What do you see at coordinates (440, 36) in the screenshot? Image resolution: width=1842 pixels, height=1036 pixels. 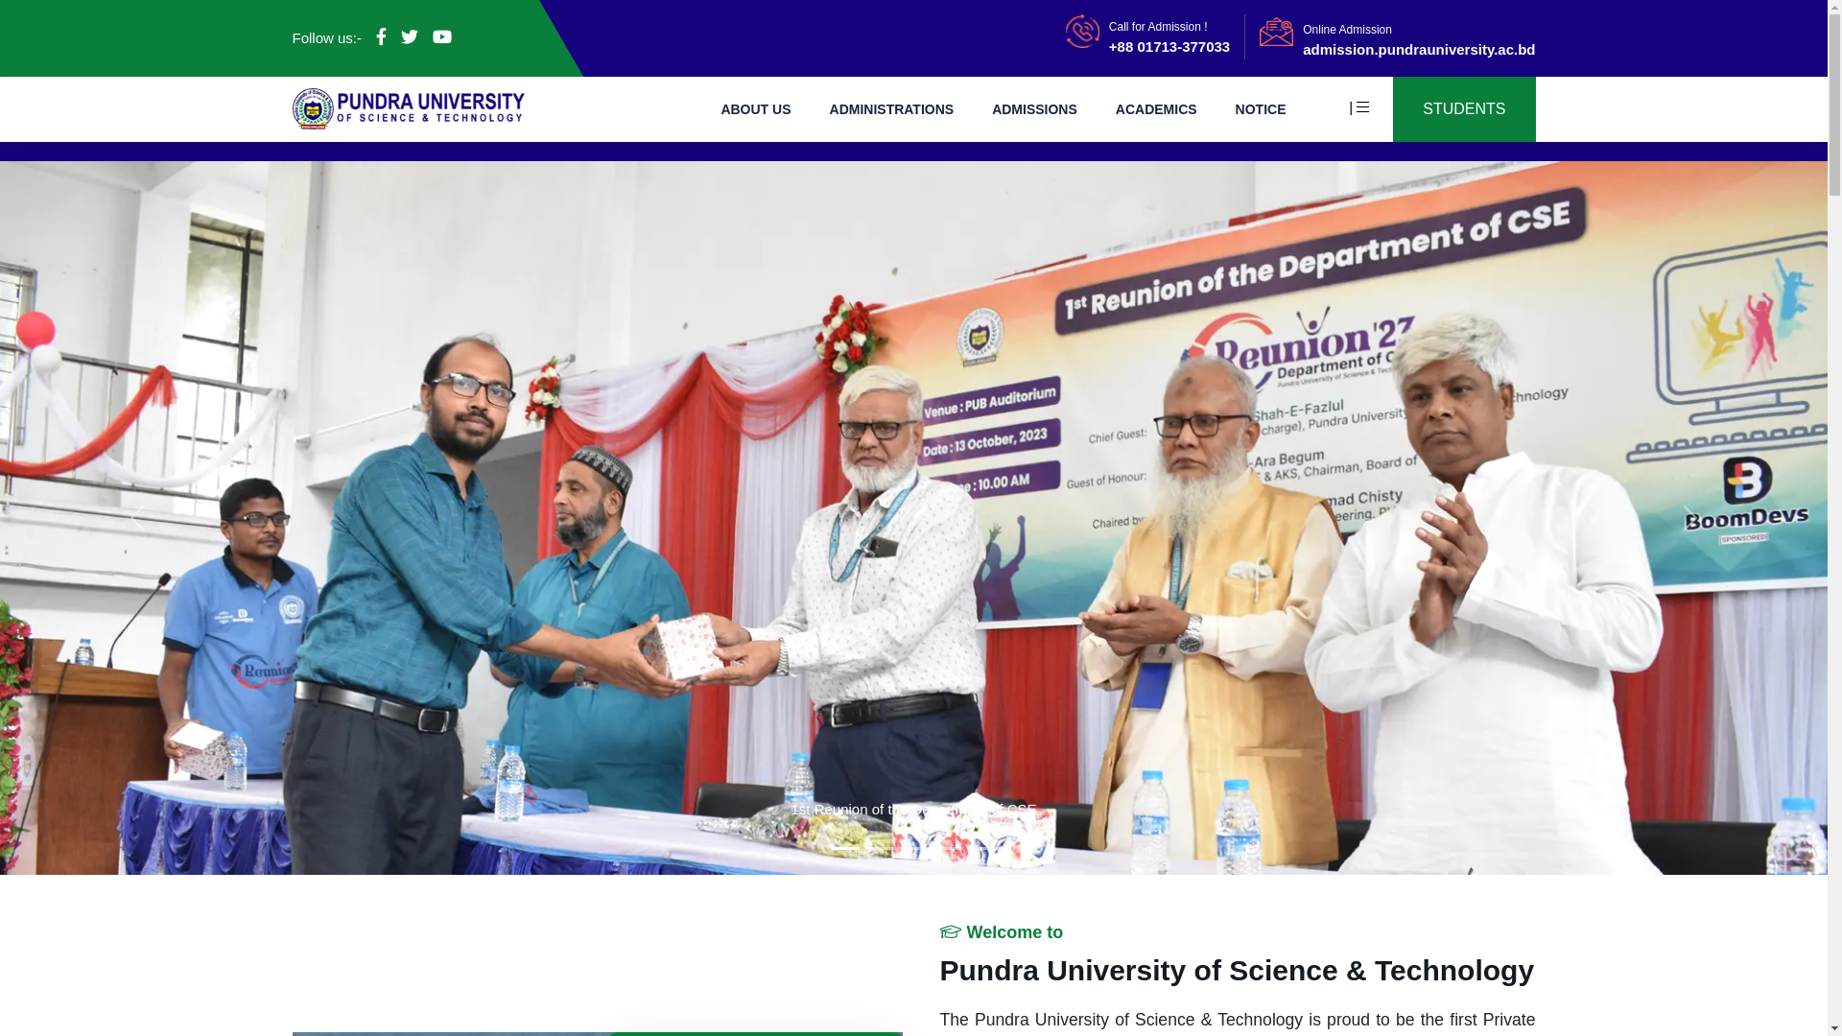 I see `'Youtube'` at bounding box center [440, 36].